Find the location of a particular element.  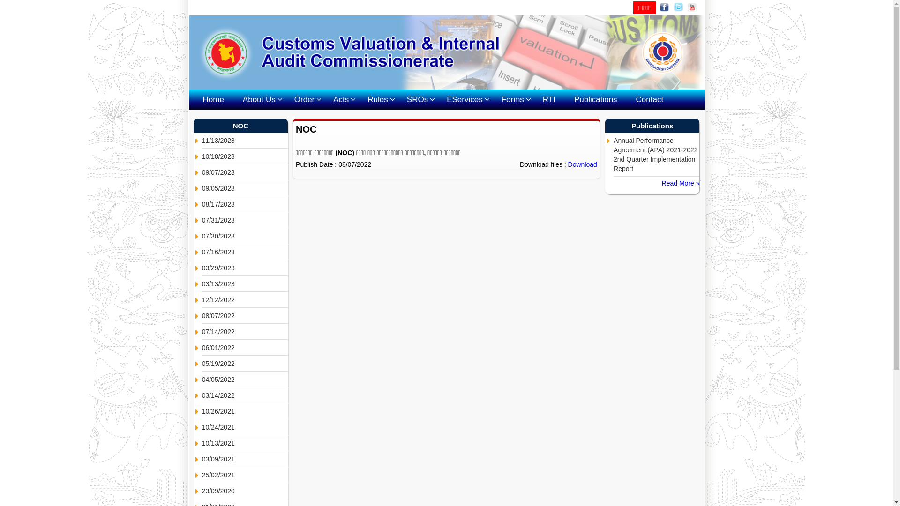

'Publications' is located at coordinates (595, 99).